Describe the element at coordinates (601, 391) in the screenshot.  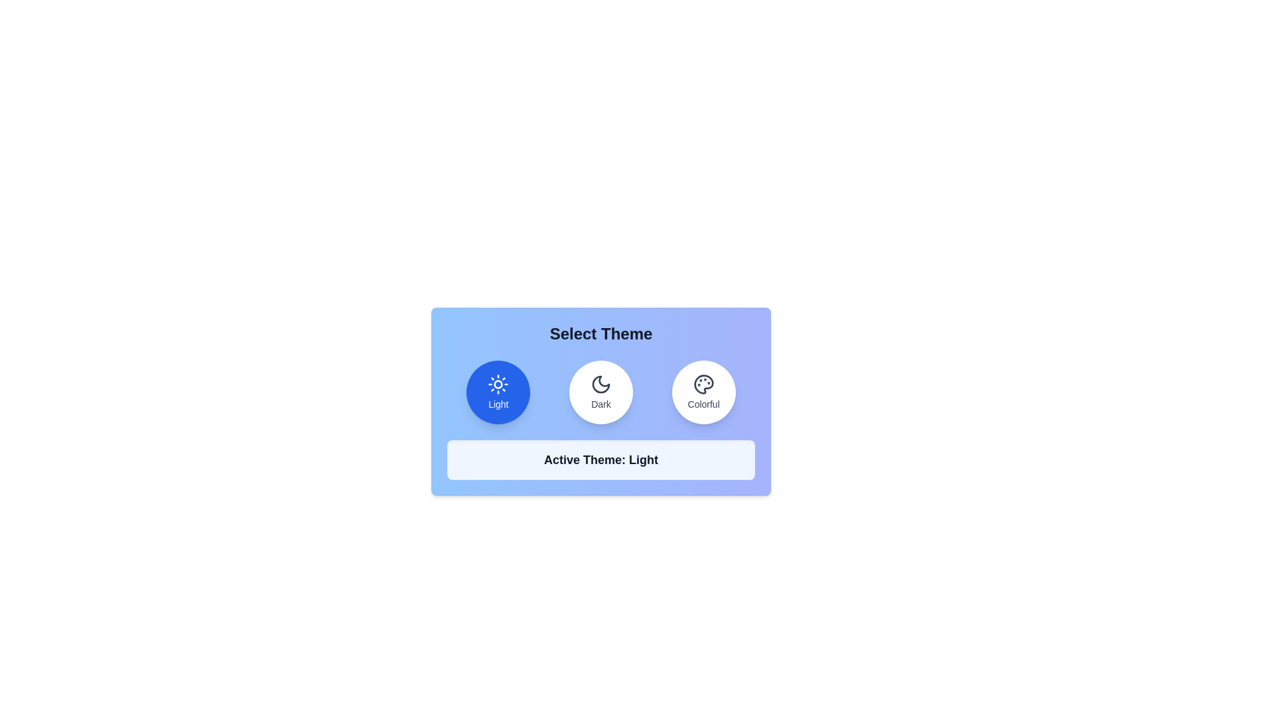
I see `the theme button for Dark` at that location.